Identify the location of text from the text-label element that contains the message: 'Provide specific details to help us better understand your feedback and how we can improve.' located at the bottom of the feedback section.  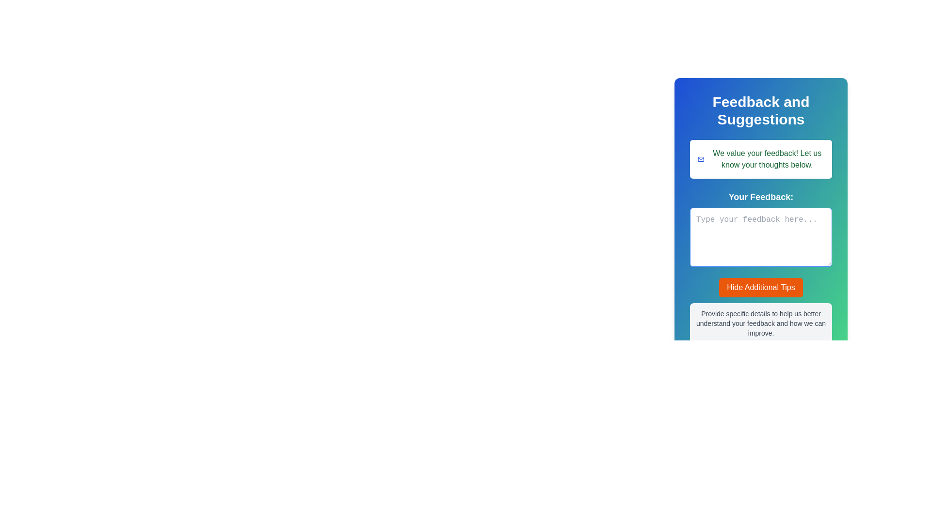
(760, 323).